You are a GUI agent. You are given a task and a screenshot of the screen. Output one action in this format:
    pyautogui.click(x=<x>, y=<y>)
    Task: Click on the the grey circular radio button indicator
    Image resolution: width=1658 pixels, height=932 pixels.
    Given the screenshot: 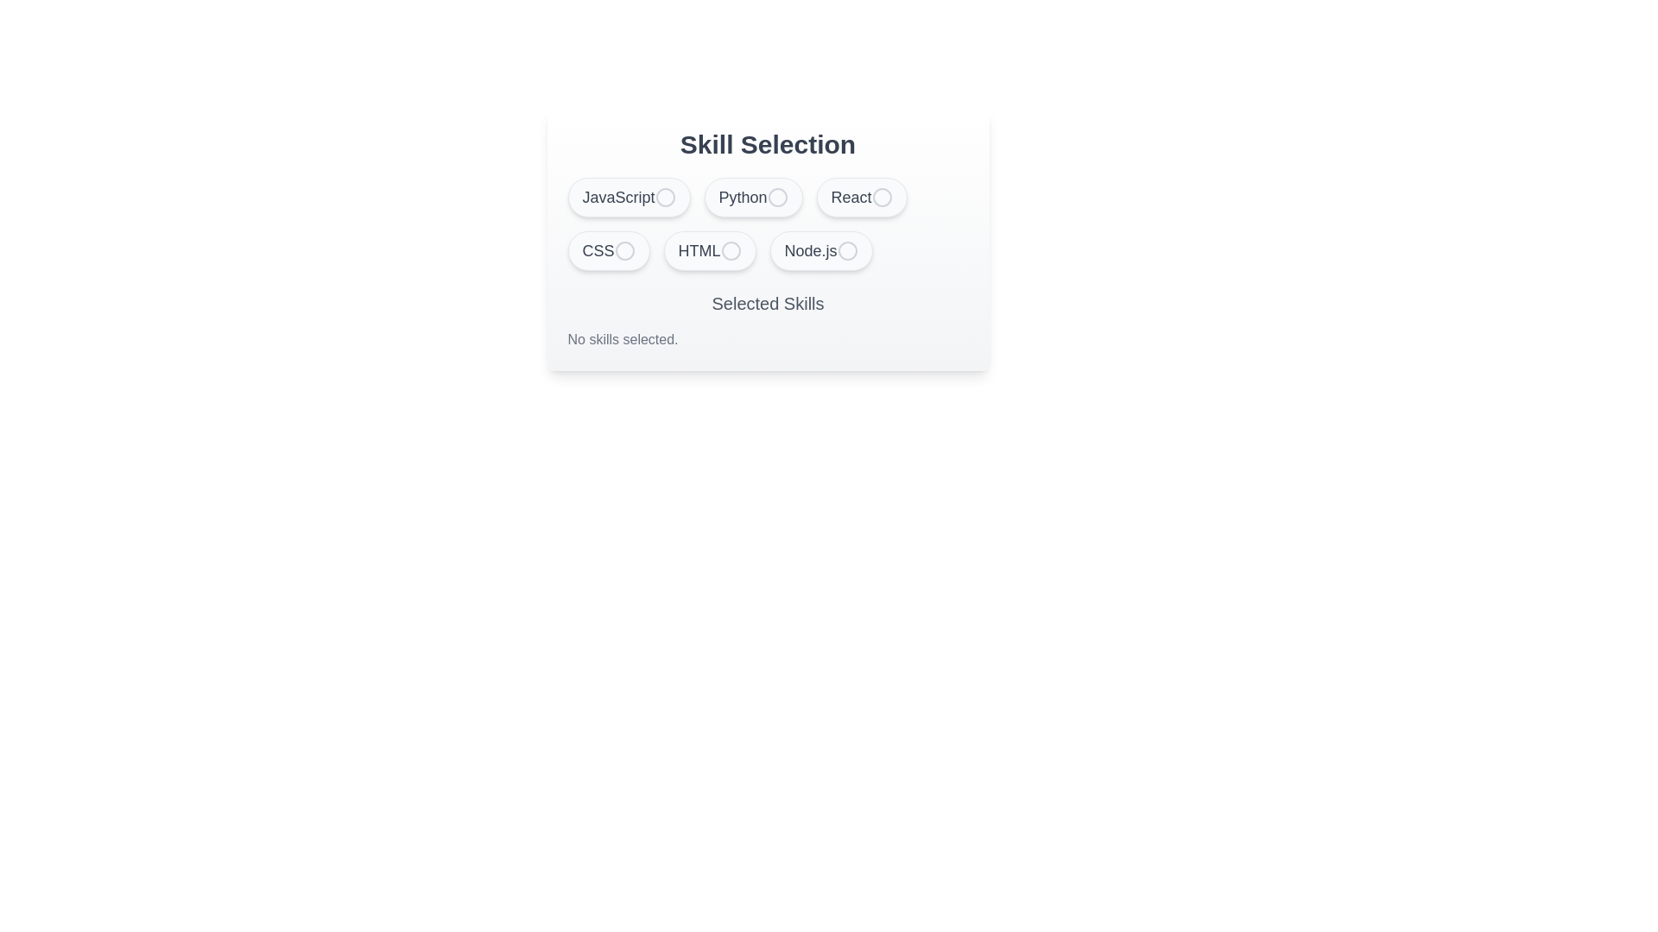 What is the action you would take?
    pyautogui.click(x=664, y=196)
    